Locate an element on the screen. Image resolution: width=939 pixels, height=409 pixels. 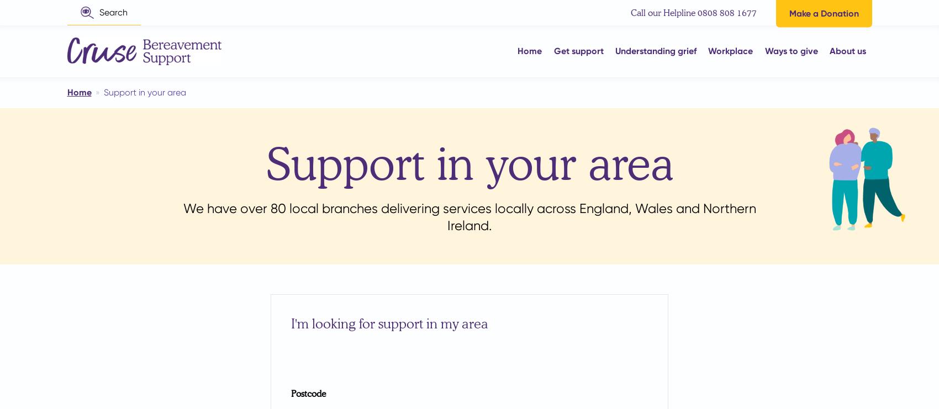
'Ways to give' is located at coordinates (790, 50).